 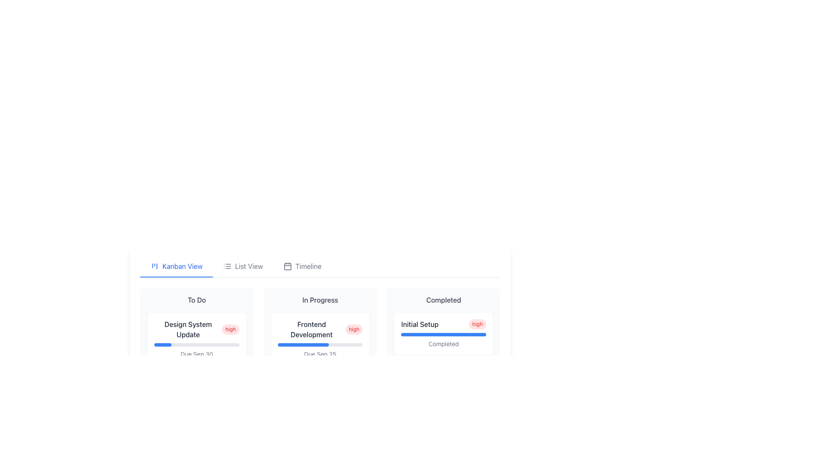 What do you see at coordinates (196, 299) in the screenshot?
I see `the 'To Do' label, which is styled with a medium-weight font and gray color, located at the top of the leftmost column in the Kanban board layout` at bounding box center [196, 299].